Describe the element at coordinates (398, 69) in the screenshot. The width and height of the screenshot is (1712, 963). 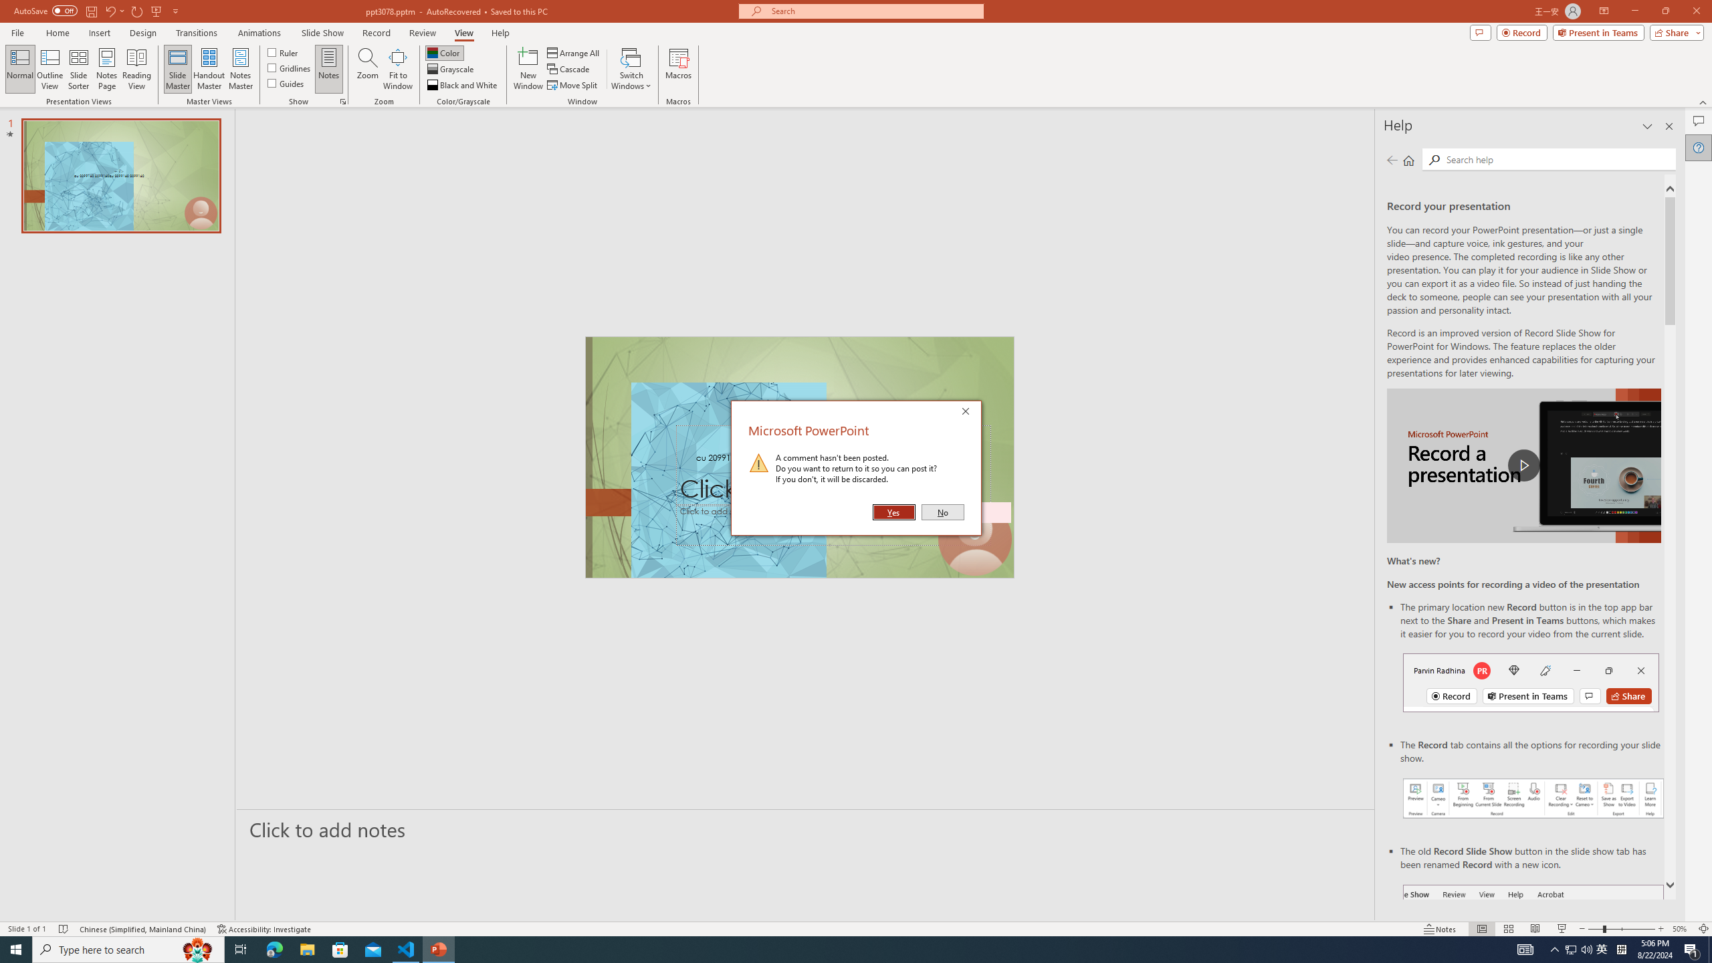
I see `'Fit to Window'` at that location.